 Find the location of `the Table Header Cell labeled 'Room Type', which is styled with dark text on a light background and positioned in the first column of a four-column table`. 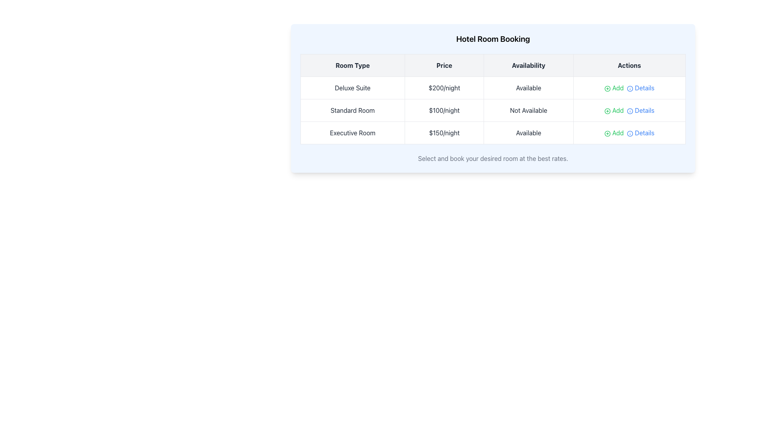

the Table Header Cell labeled 'Room Type', which is styled with dark text on a light background and positioned in the first column of a four-column table is located at coordinates (352, 65).